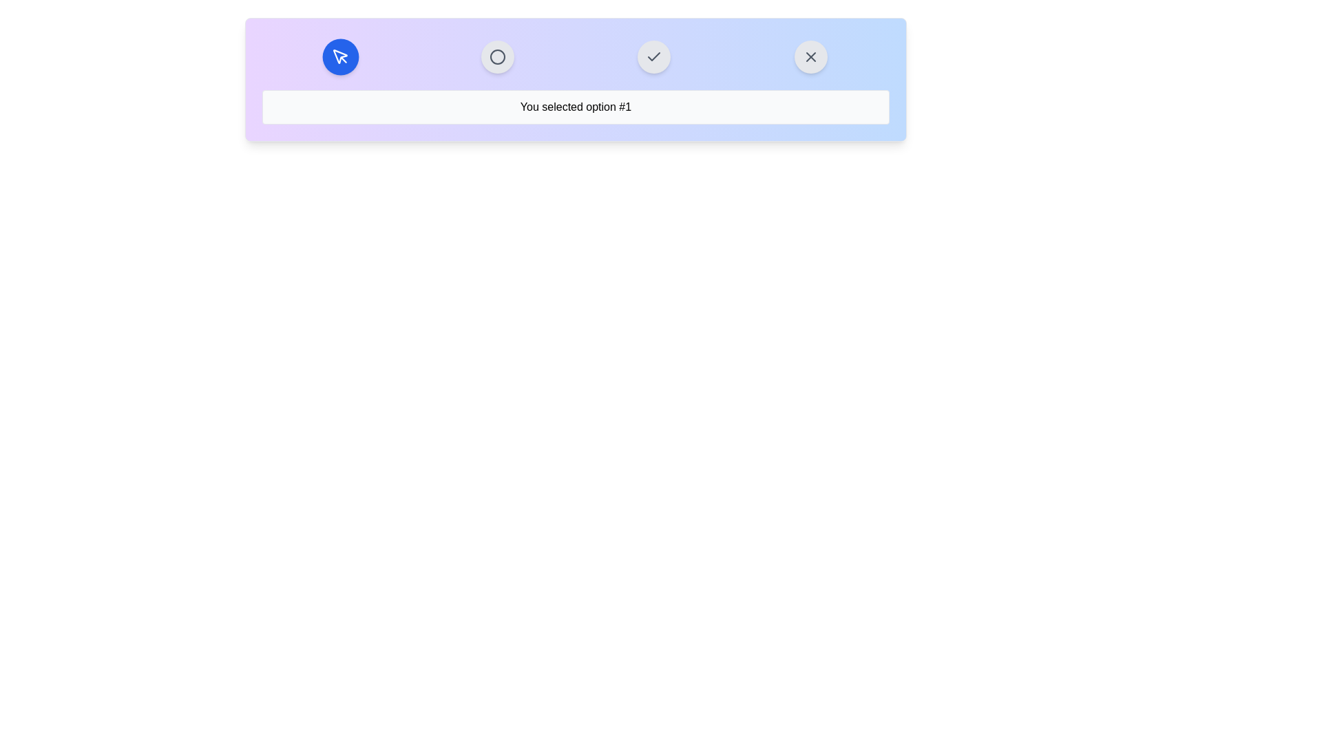  Describe the element at coordinates (340, 56) in the screenshot. I see `the icon corresponding to 1 by clicking the respective button` at that location.